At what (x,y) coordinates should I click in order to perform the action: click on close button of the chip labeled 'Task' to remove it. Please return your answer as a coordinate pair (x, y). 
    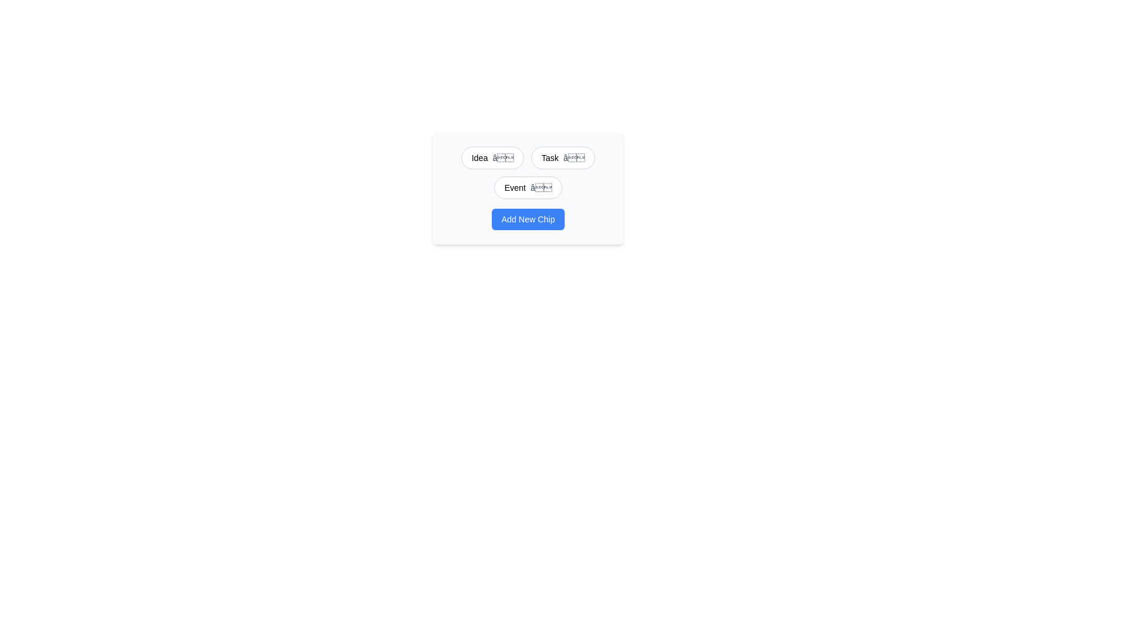
    Looking at the image, I should click on (574, 157).